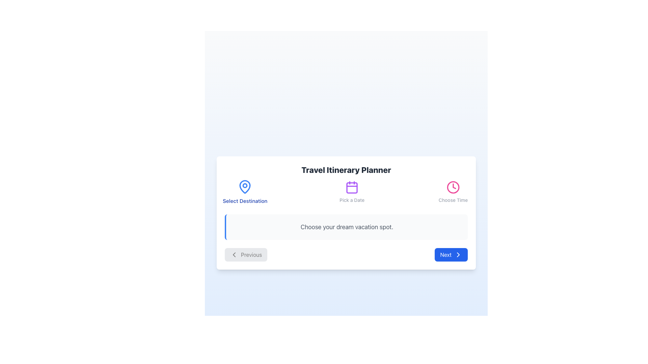 This screenshot has height=364, width=648. Describe the element at coordinates (246, 255) in the screenshot. I see `the 'Previous' button located at the bottom-left corner of the content panel` at that location.